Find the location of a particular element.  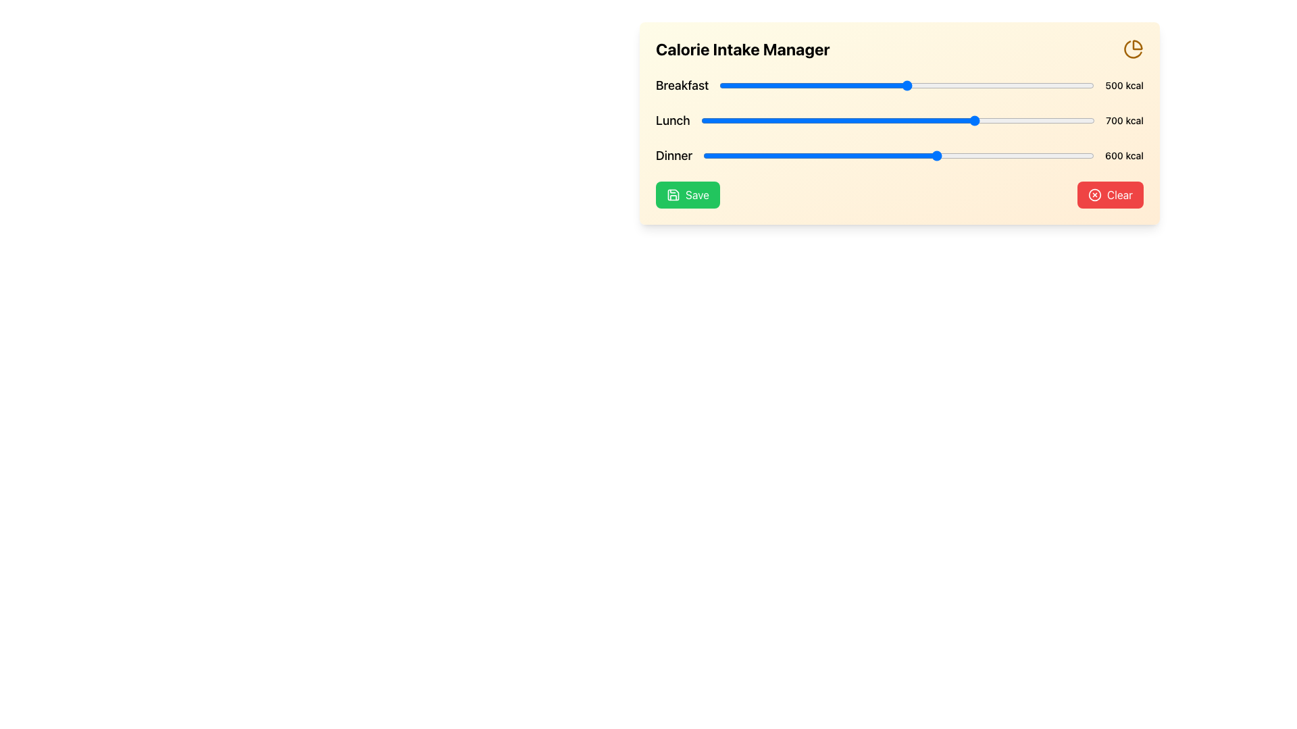

the breakfast calorie intake is located at coordinates (992, 86).